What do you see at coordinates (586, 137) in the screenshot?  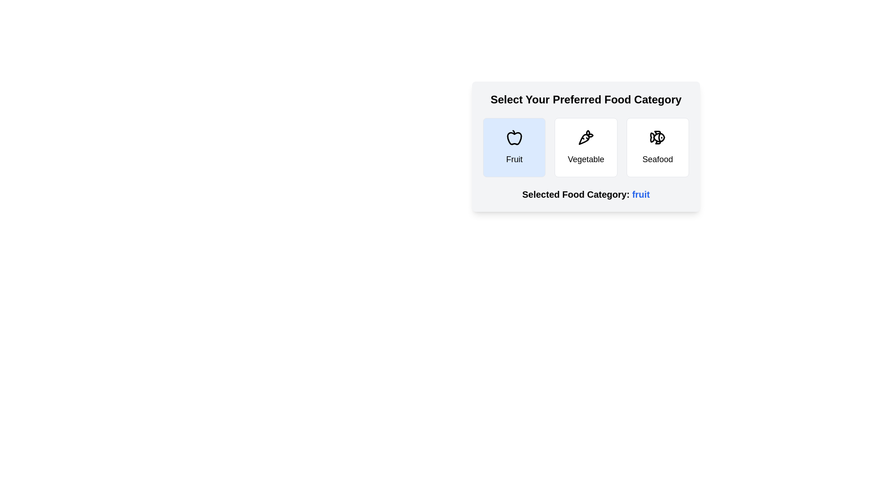 I see `the SVG icon representing the 'Vegetable' category, which is visually centered above the text 'Vegetable' within a row of selectable categories` at bounding box center [586, 137].